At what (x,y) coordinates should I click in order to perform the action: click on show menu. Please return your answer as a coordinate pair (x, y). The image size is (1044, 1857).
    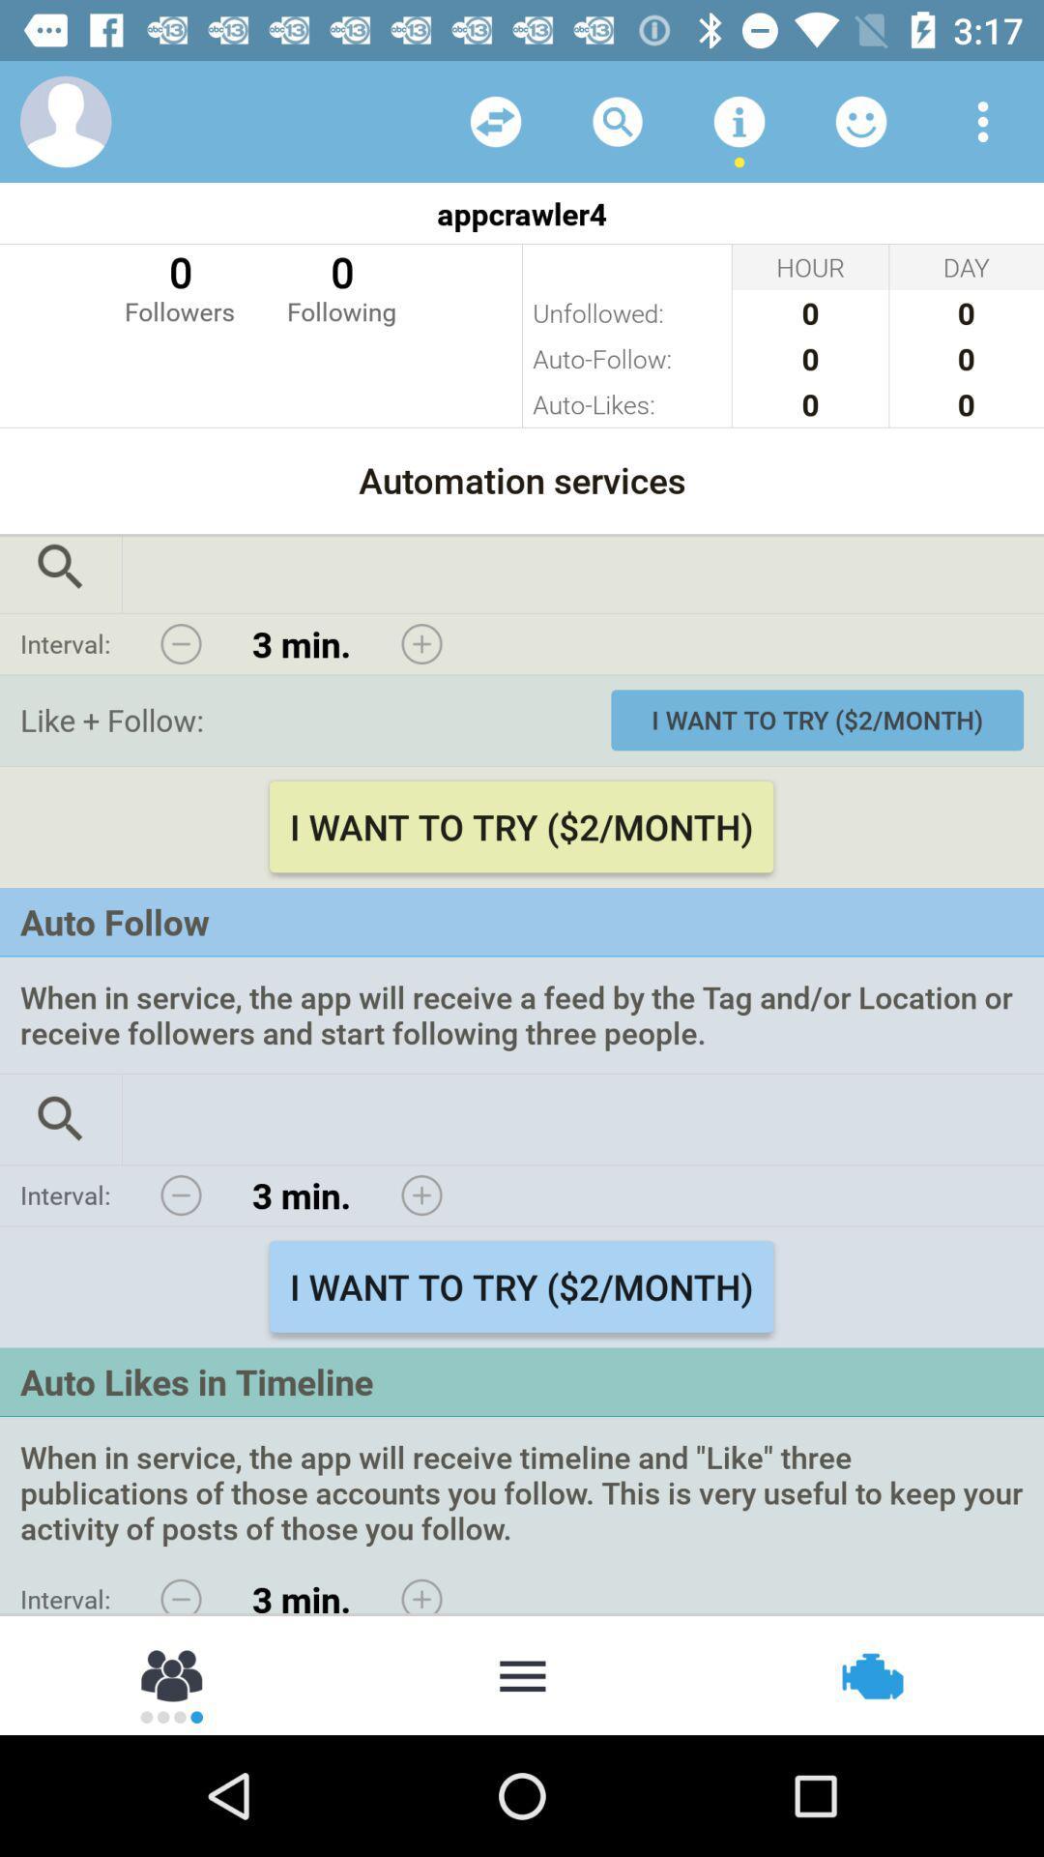
    Looking at the image, I should click on (522, 1673).